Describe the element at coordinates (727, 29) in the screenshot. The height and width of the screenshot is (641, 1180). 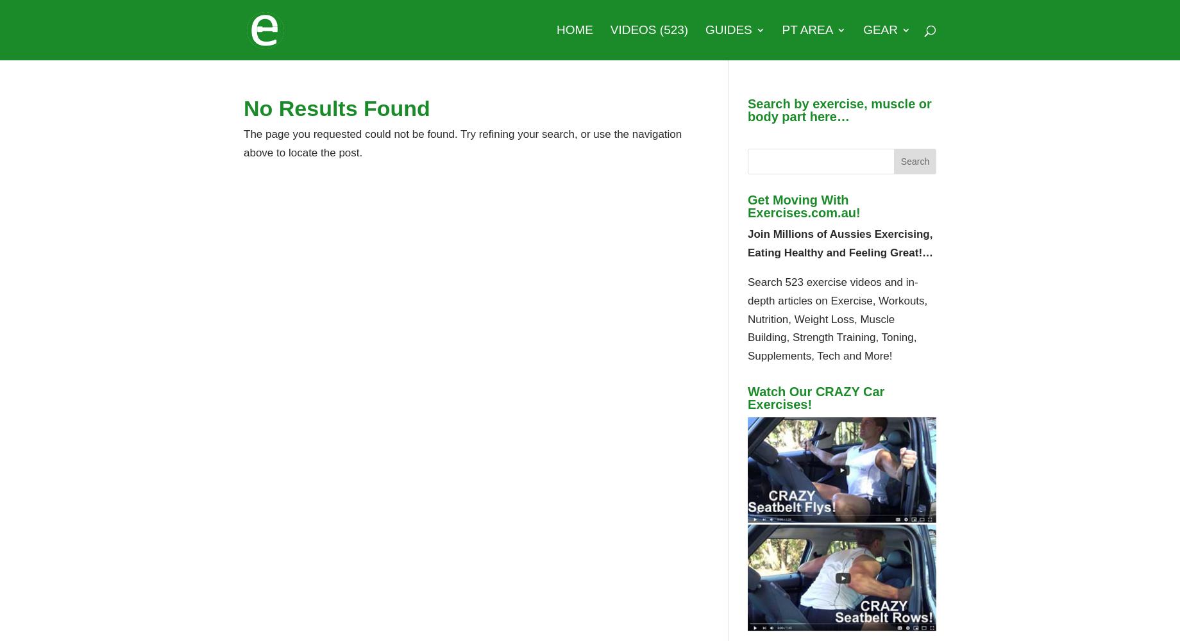
I see `'Guides'` at that location.